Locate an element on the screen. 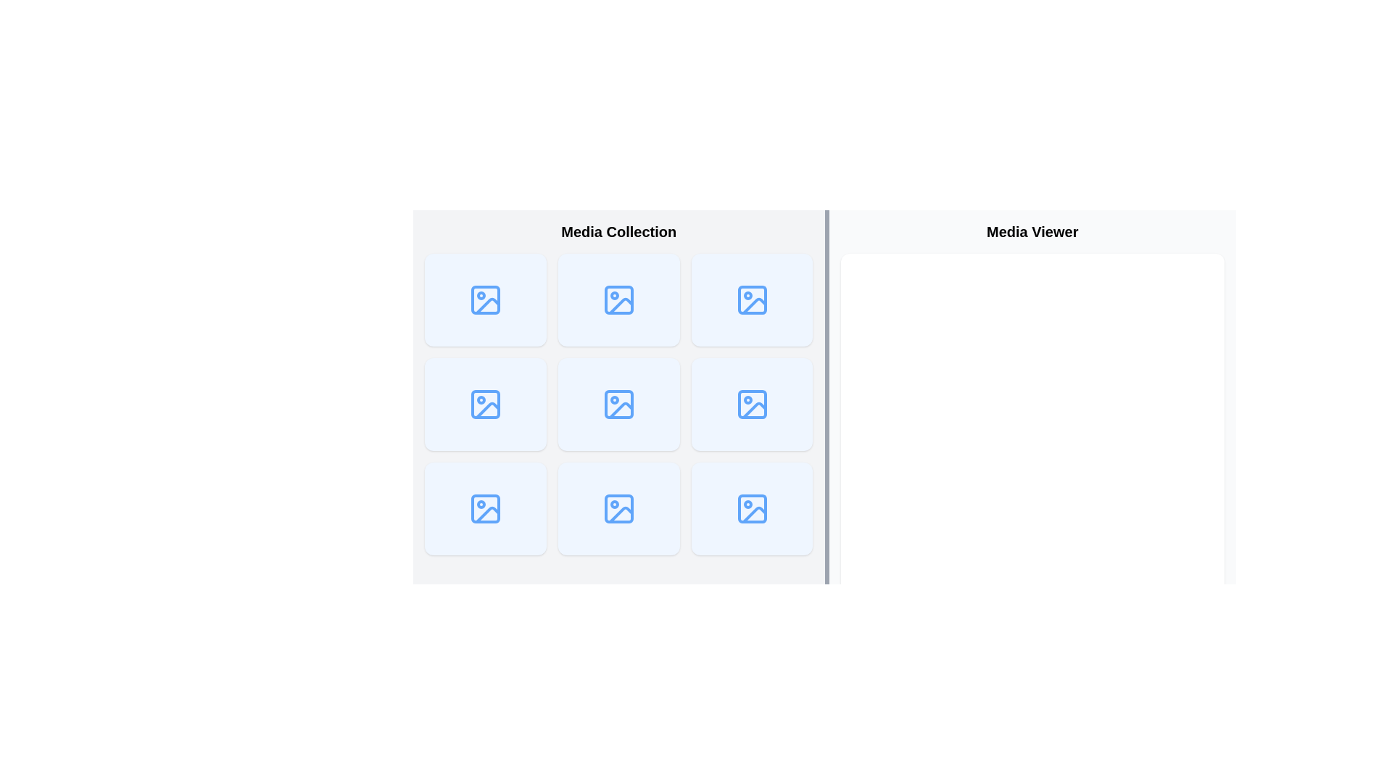  the Icon or Image Placeholder with a blue border and light blue background, featuring a mountain and sun/moon icon is located at coordinates (618, 405).